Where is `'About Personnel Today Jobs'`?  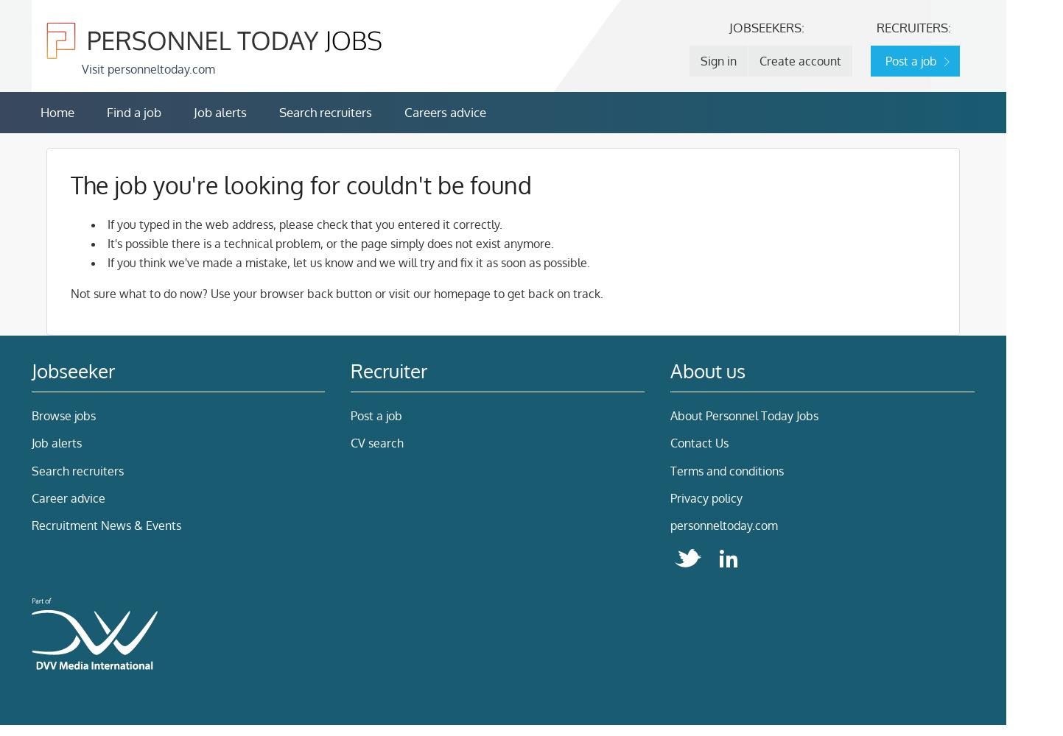
'About Personnel Today Jobs' is located at coordinates (743, 414).